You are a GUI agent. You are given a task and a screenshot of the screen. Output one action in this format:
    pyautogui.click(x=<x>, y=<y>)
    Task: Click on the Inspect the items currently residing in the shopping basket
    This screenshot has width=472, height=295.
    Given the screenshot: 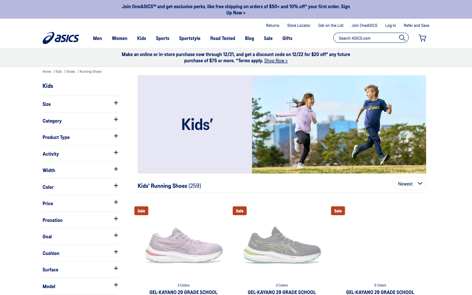 What is the action you would take?
    pyautogui.click(x=422, y=38)
    